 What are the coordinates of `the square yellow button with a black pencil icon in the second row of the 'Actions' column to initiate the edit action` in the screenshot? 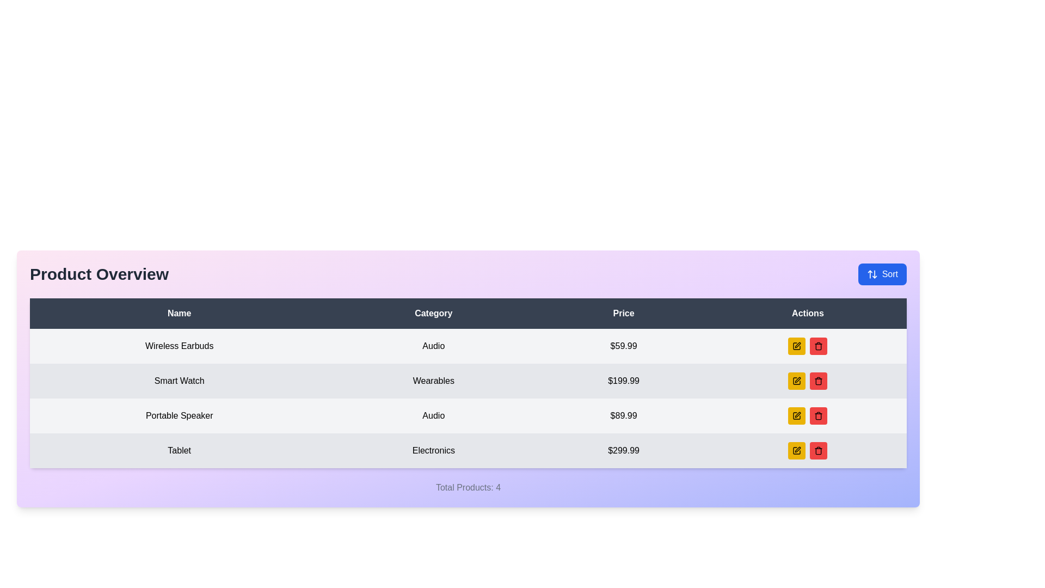 It's located at (797, 380).